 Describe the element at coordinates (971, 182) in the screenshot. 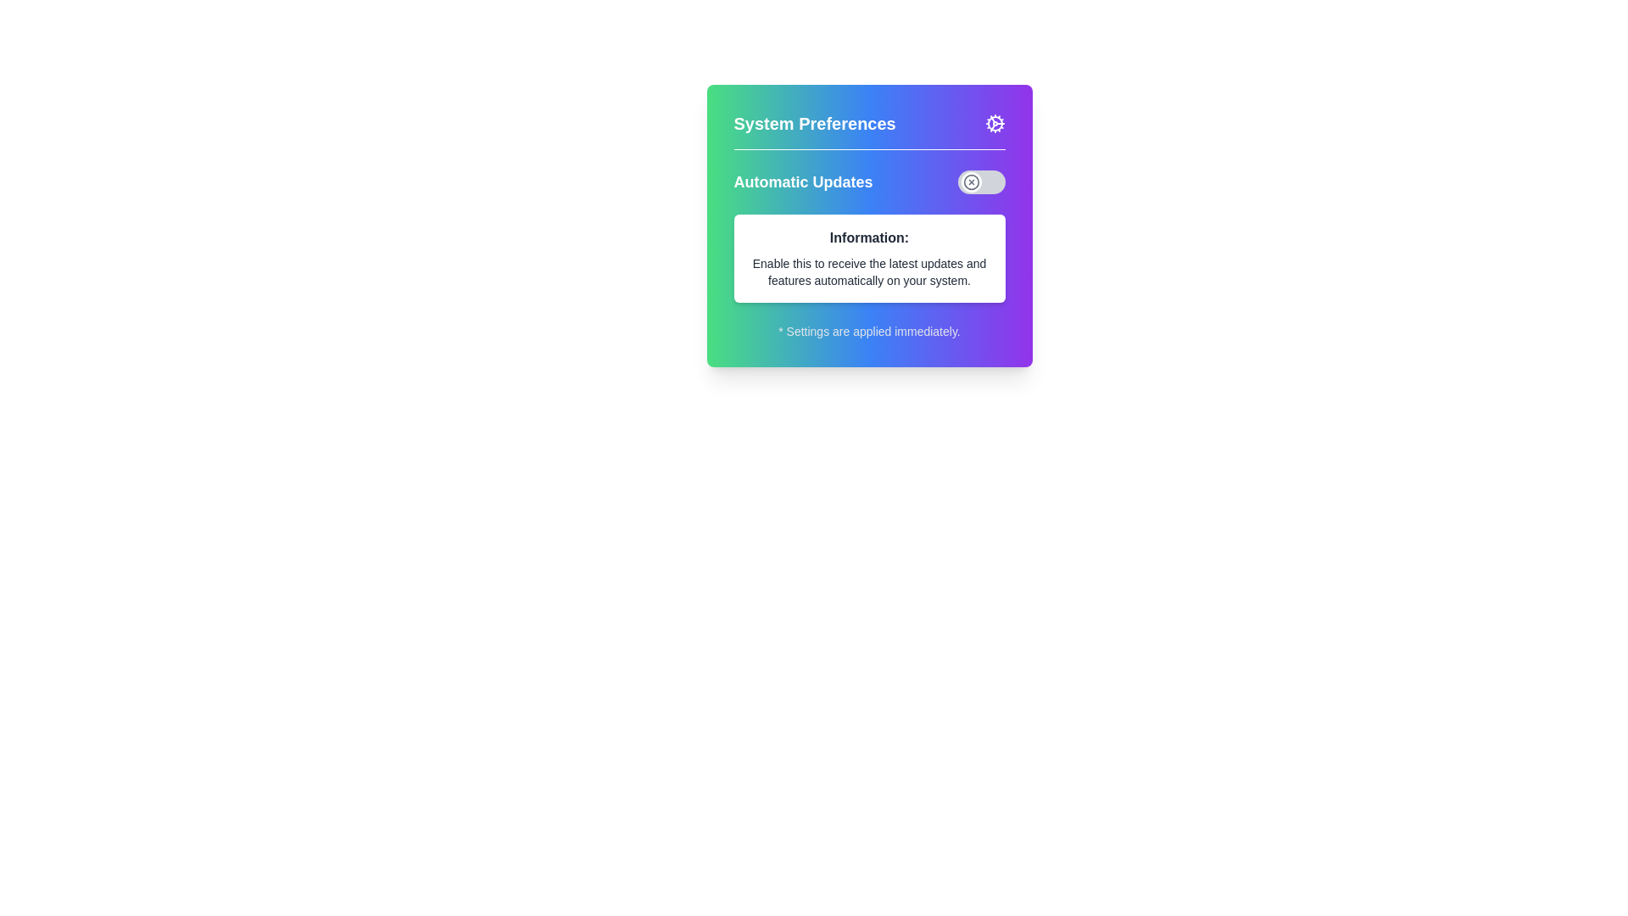

I see `the toggle switch thumb, which is a circular element with a white background located to the right side of the toggle bar for 'Automatic Updates' in the 'System Preferences' card` at that location.